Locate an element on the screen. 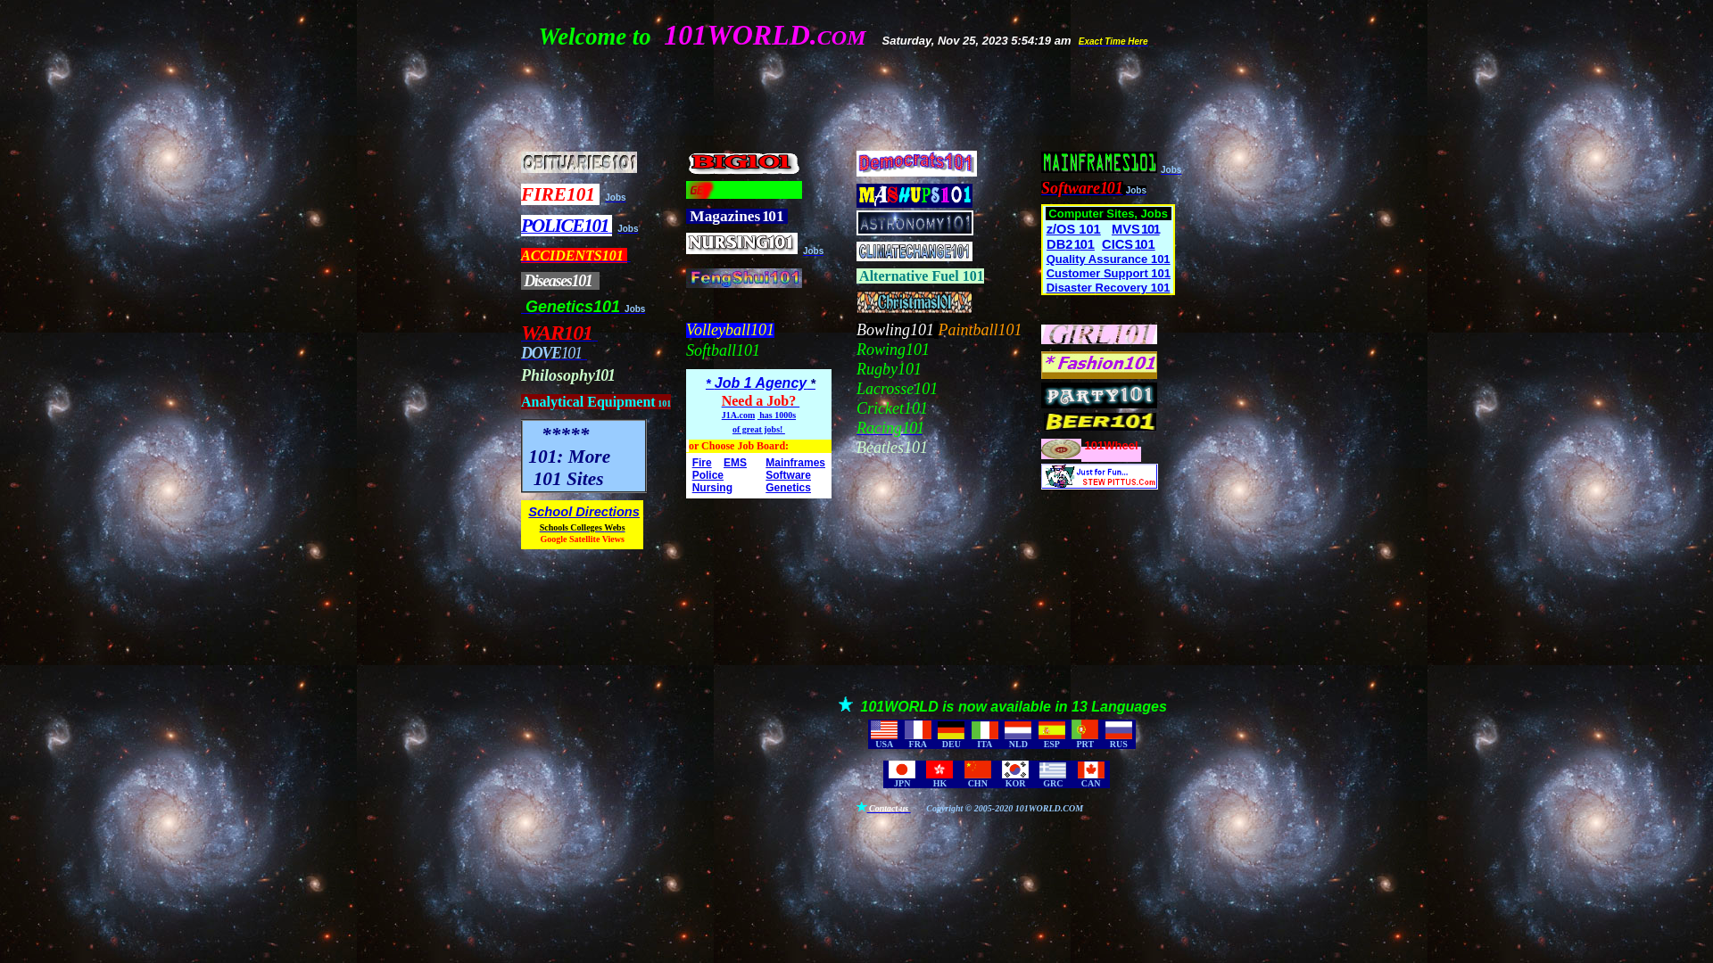  'GRC' is located at coordinates (1053, 781).